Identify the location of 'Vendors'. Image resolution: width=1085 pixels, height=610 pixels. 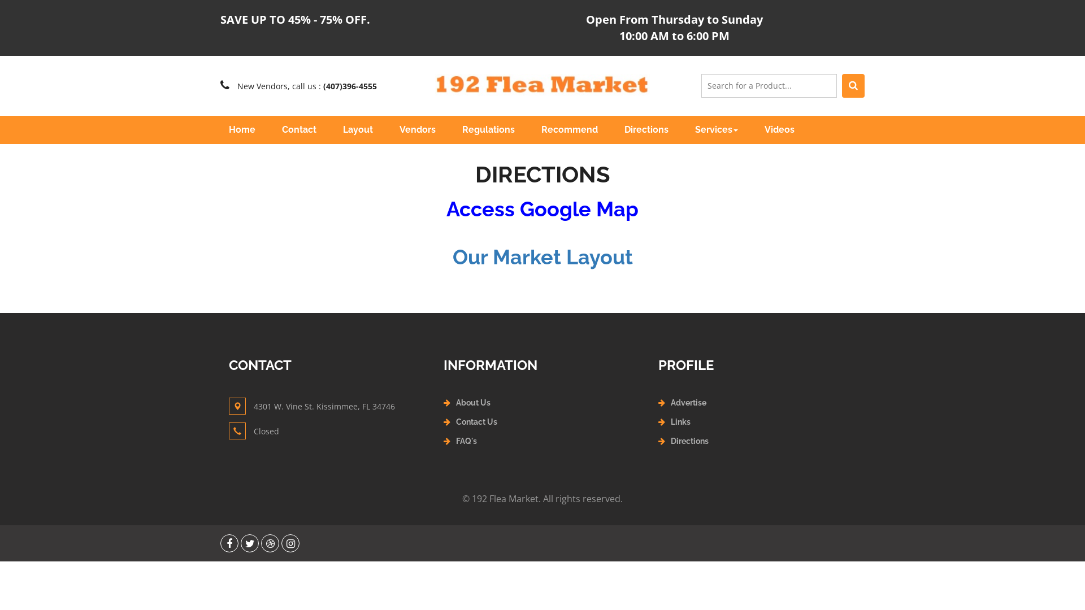
(417, 129).